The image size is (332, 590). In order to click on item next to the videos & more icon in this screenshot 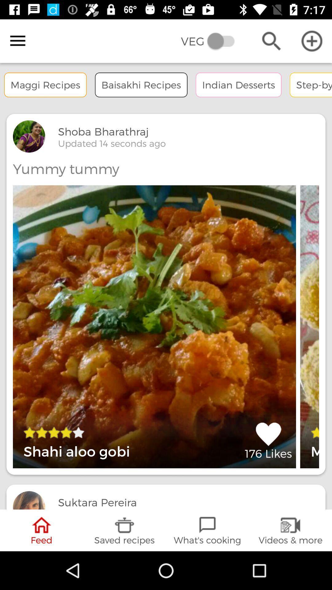, I will do `click(207, 530)`.